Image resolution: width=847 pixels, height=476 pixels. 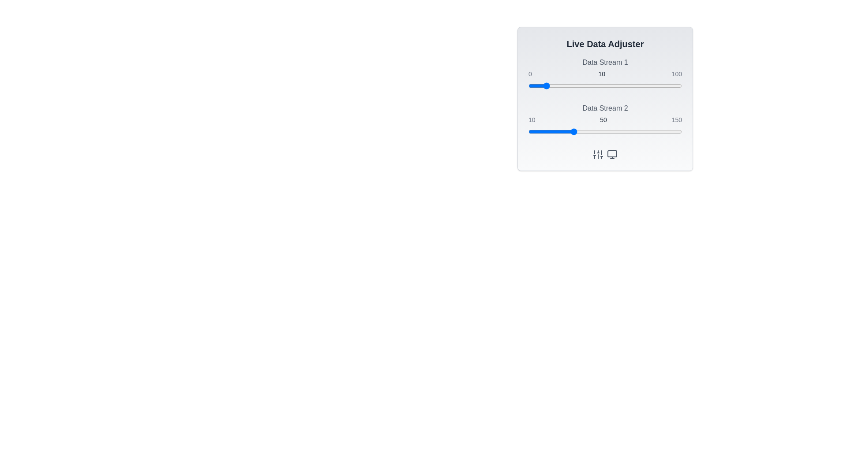 I want to click on the static text label displaying the value '100', which is styled in a small font size and gray color, located at the end of the slider component for 'Data Stream 1', so click(x=676, y=74).